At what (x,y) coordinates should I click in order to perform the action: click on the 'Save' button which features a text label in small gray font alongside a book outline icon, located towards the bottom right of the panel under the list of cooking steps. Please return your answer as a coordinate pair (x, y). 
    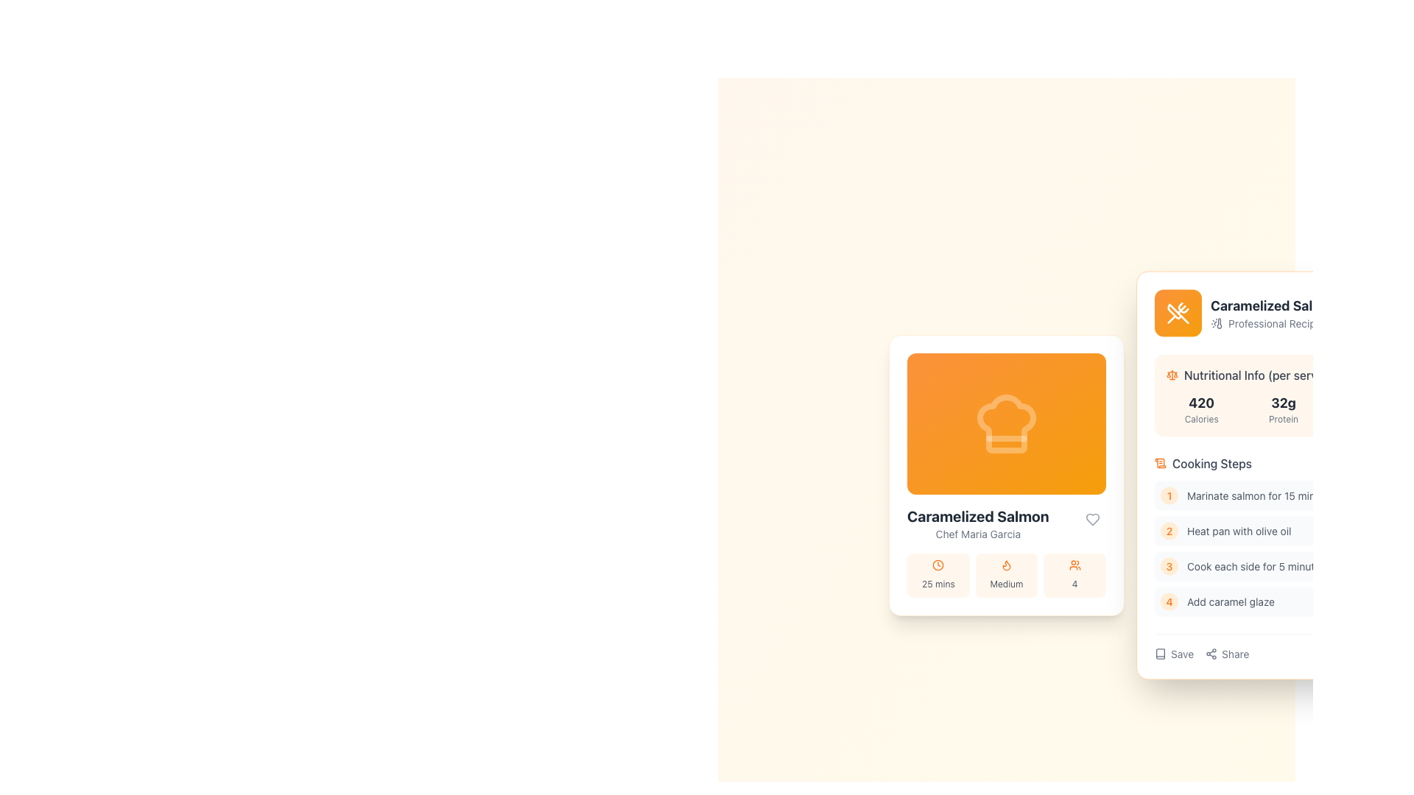
    Looking at the image, I should click on (1173, 653).